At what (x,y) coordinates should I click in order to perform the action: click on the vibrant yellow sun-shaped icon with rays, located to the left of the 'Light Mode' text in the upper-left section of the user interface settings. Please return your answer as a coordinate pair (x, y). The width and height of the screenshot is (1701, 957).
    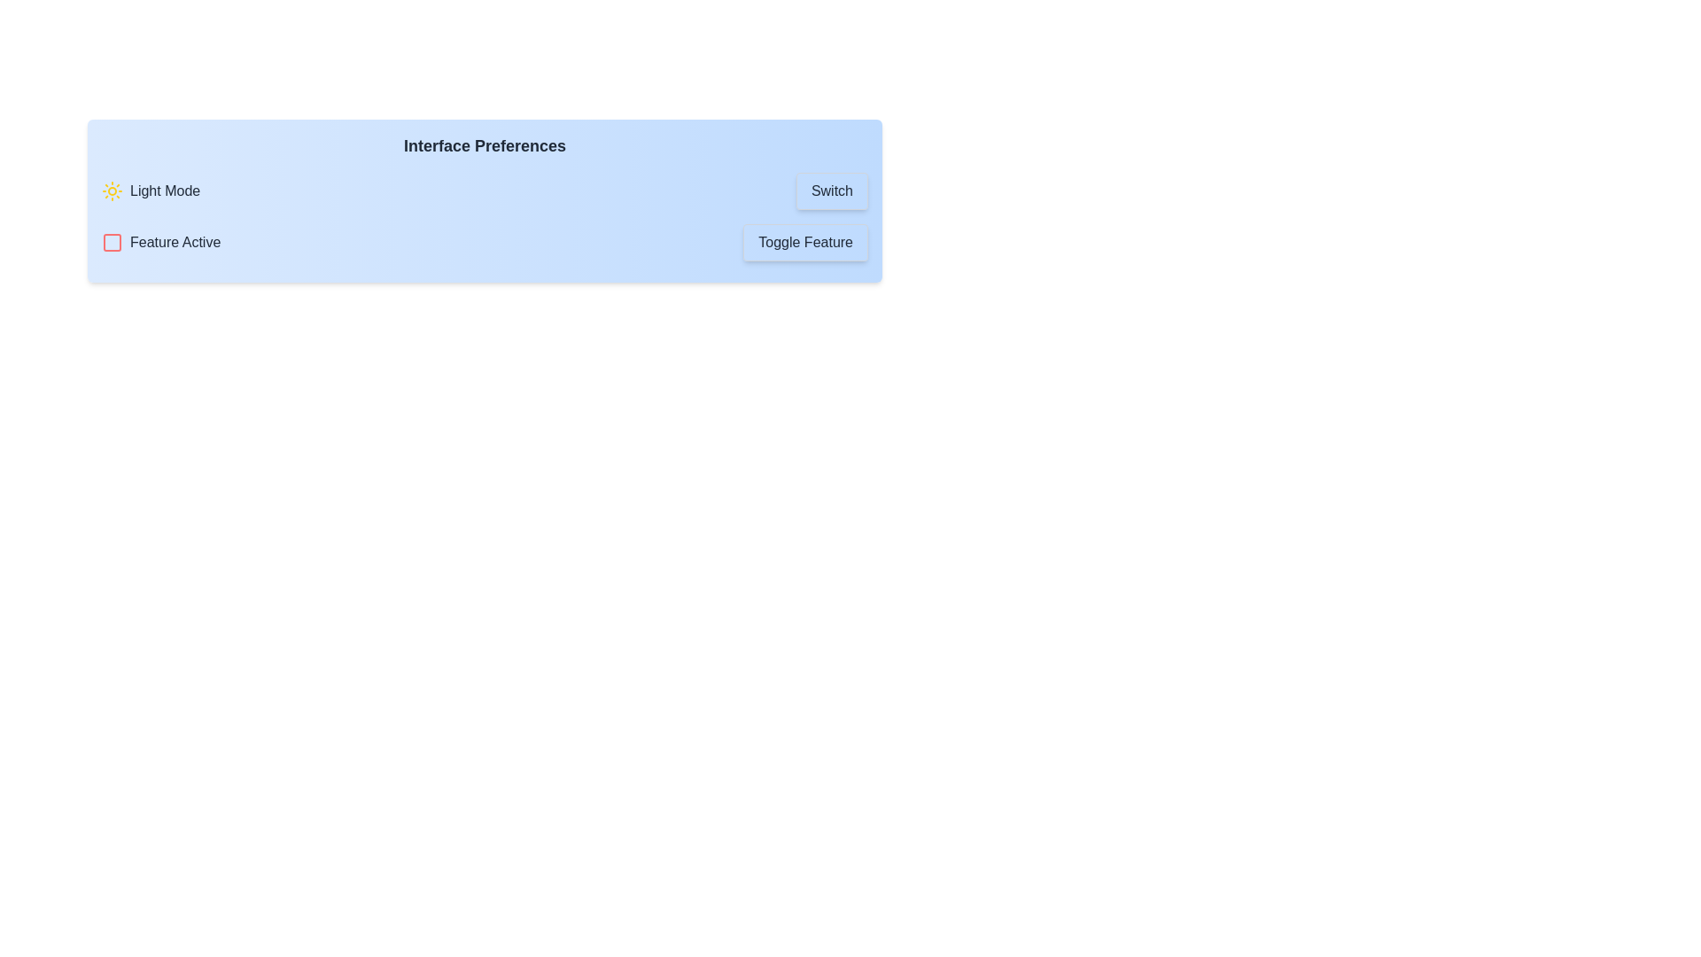
    Looking at the image, I should click on (111, 191).